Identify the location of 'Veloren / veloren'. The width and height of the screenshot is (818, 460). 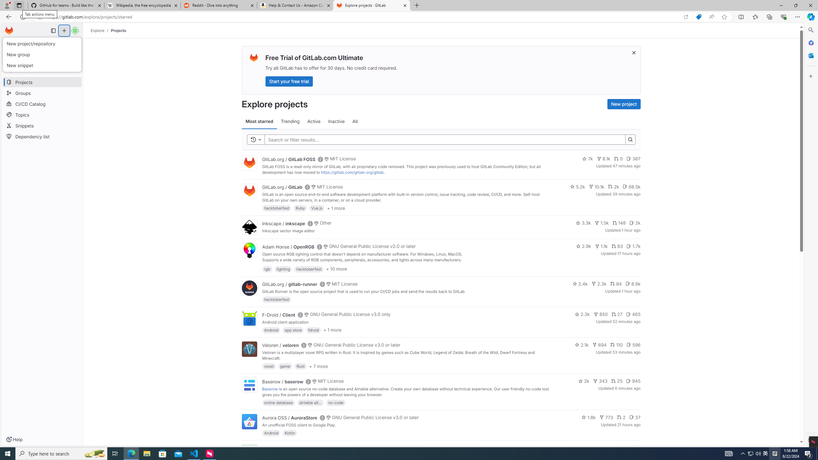
(280, 345).